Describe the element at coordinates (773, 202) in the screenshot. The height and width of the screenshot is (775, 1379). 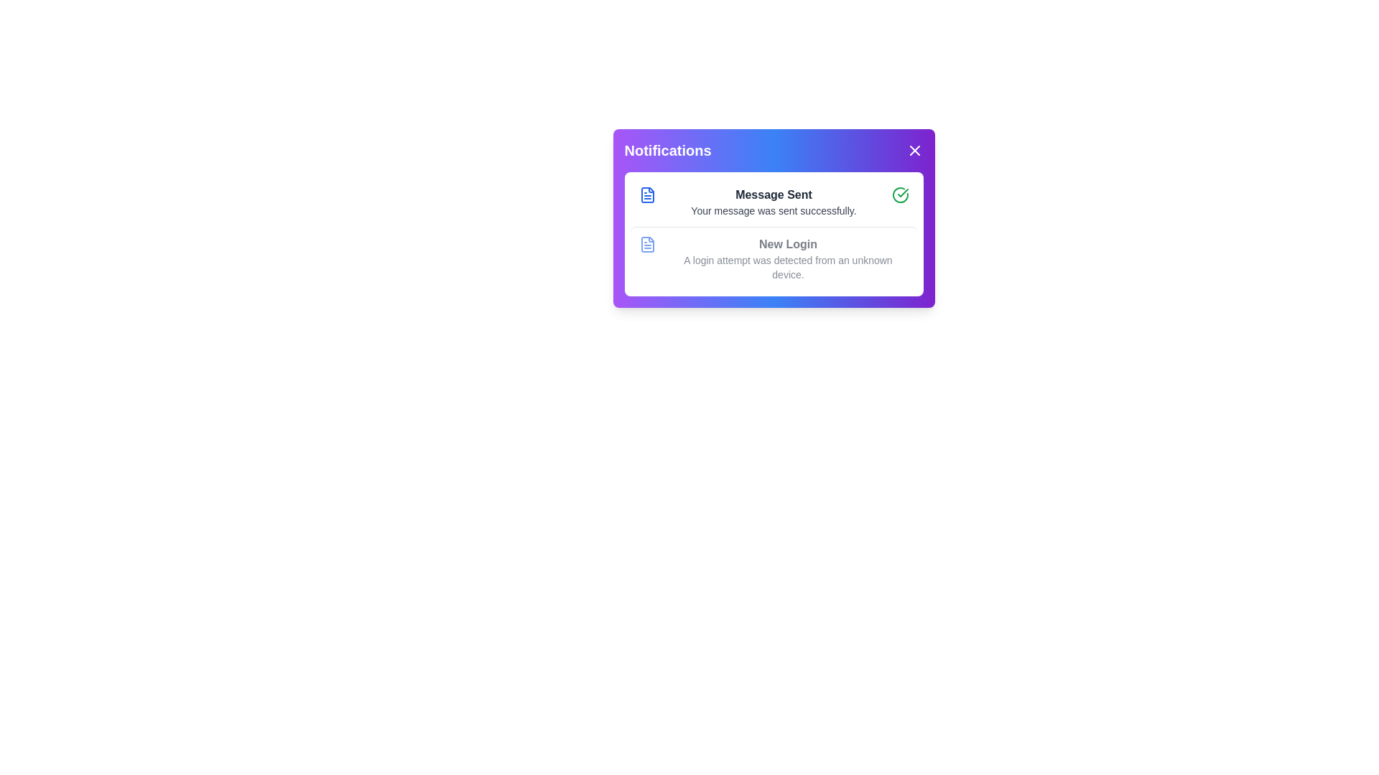
I see `message content of the first notification in the centered notification panel indicating successful message sending, which is located above the 'New Login' notification` at that location.